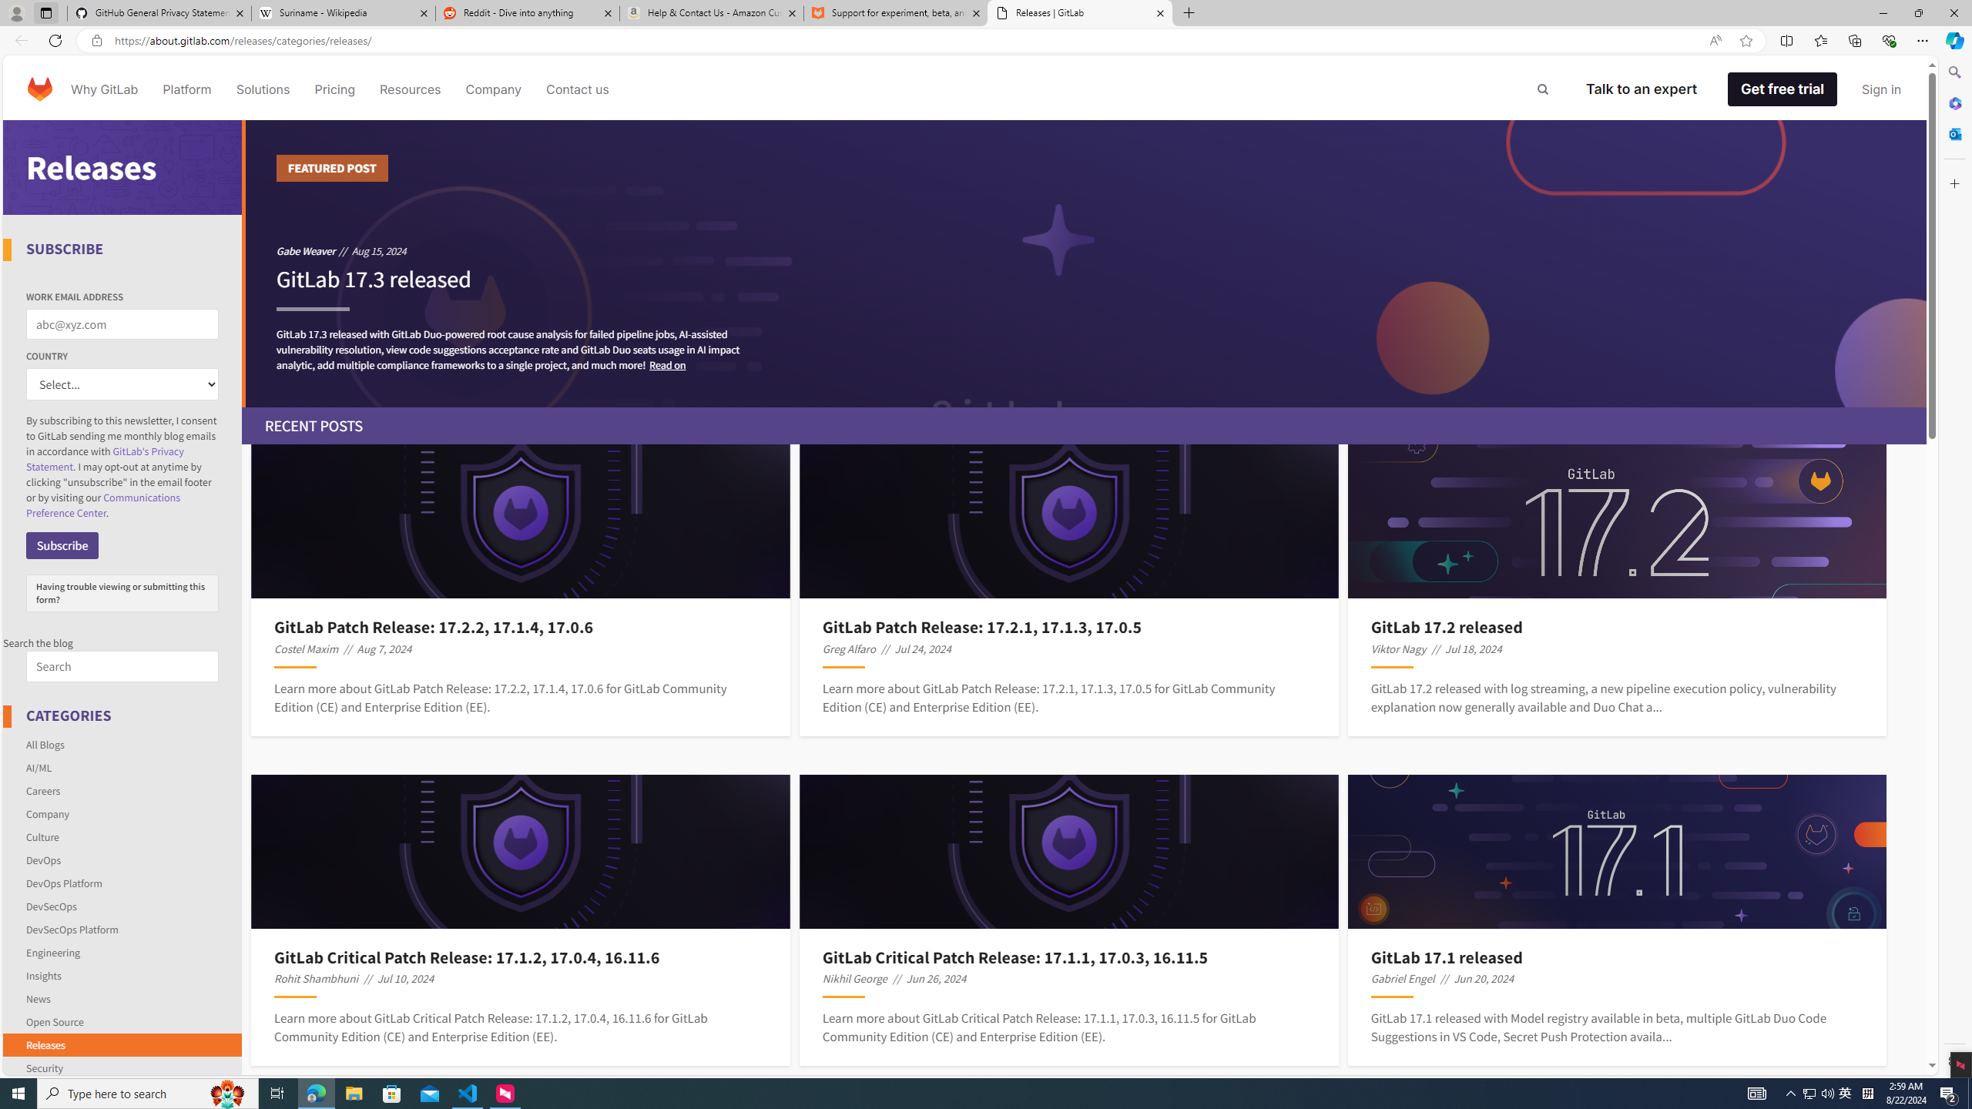 This screenshot has width=1972, height=1109. What do you see at coordinates (519, 628) in the screenshot?
I see `'GitLab Patch Release: 17.2.2, 17.1.4, 17.0.6'` at bounding box center [519, 628].